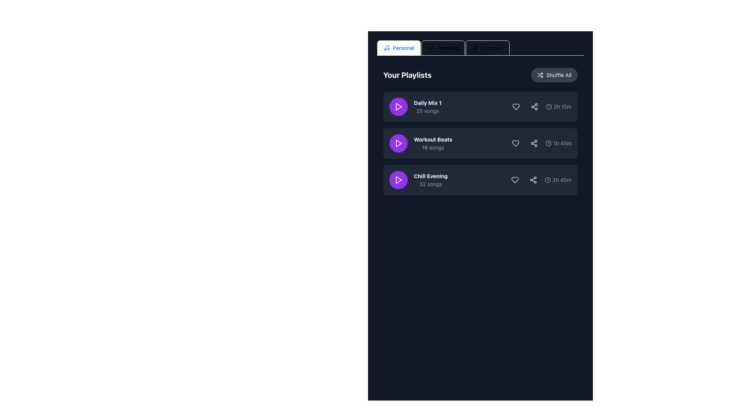  Describe the element at coordinates (428, 111) in the screenshot. I see `the static text label indicating the number of songs in the playlist 'Daily Mix 1', which is the second element beneath the title text` at that location.